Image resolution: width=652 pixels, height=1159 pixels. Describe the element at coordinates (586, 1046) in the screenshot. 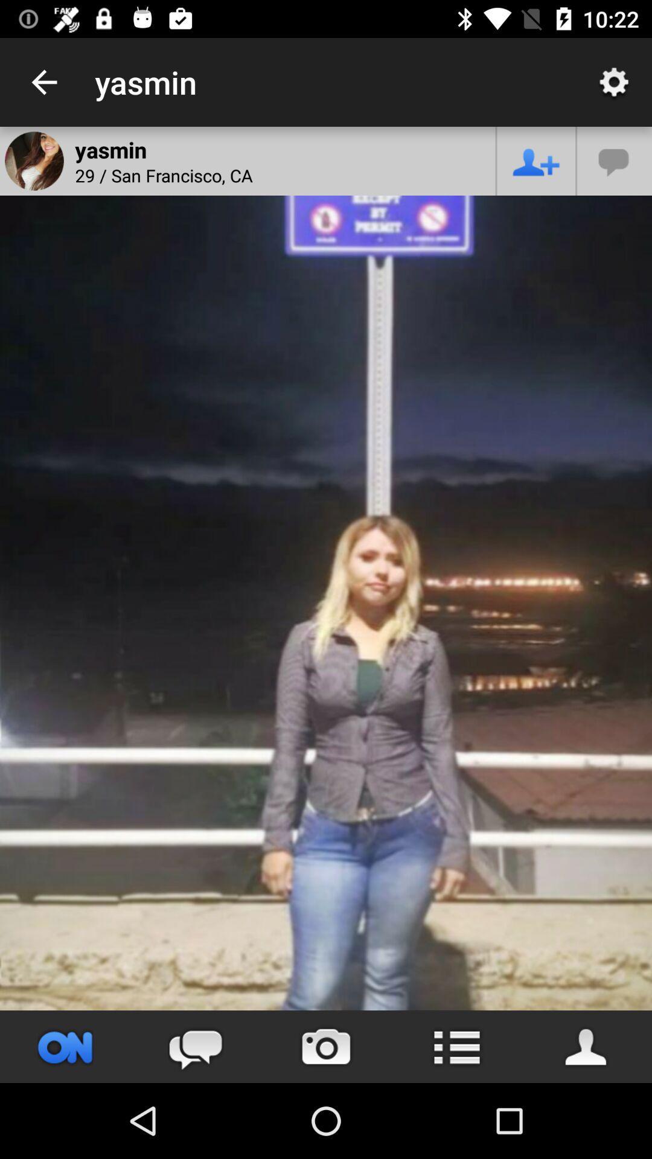

I see `the avatar icon` at that location.